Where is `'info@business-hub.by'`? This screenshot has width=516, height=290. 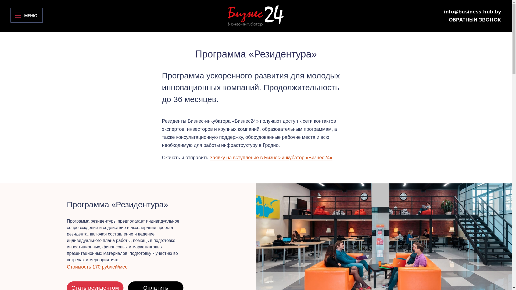
'info@business-hub.by' is located at coordinates (472, 12).